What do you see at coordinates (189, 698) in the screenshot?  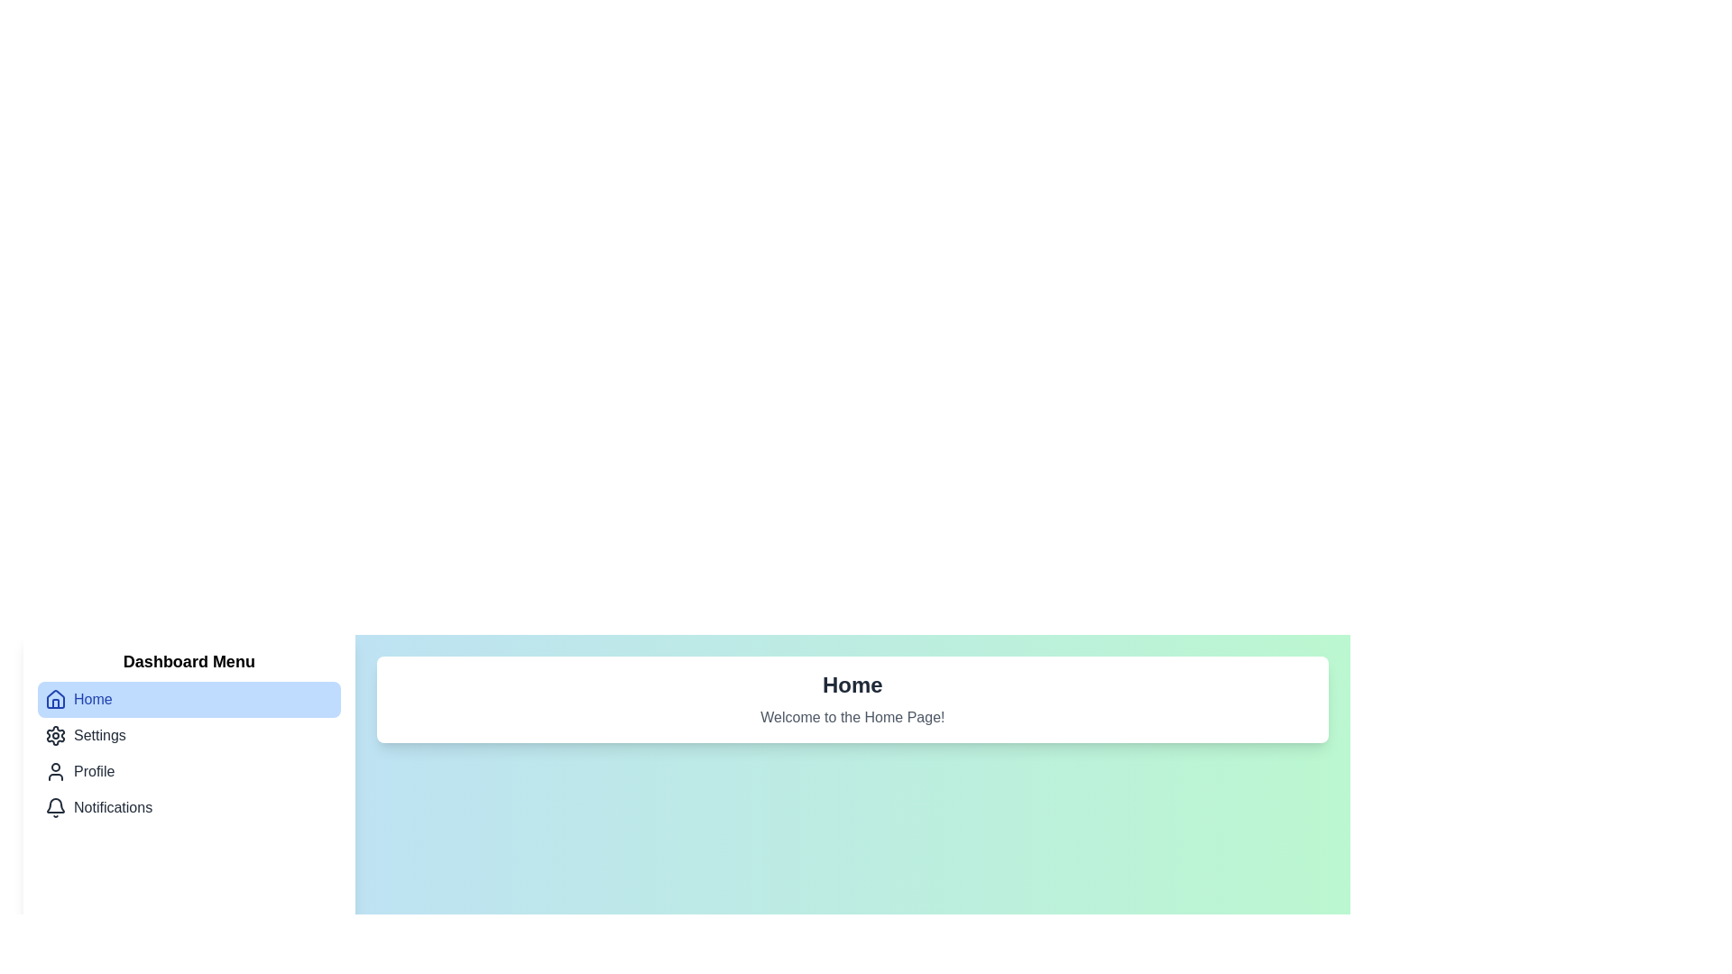 I see `the button corresponding to the selected section Home` at bounding box center [189, 698].